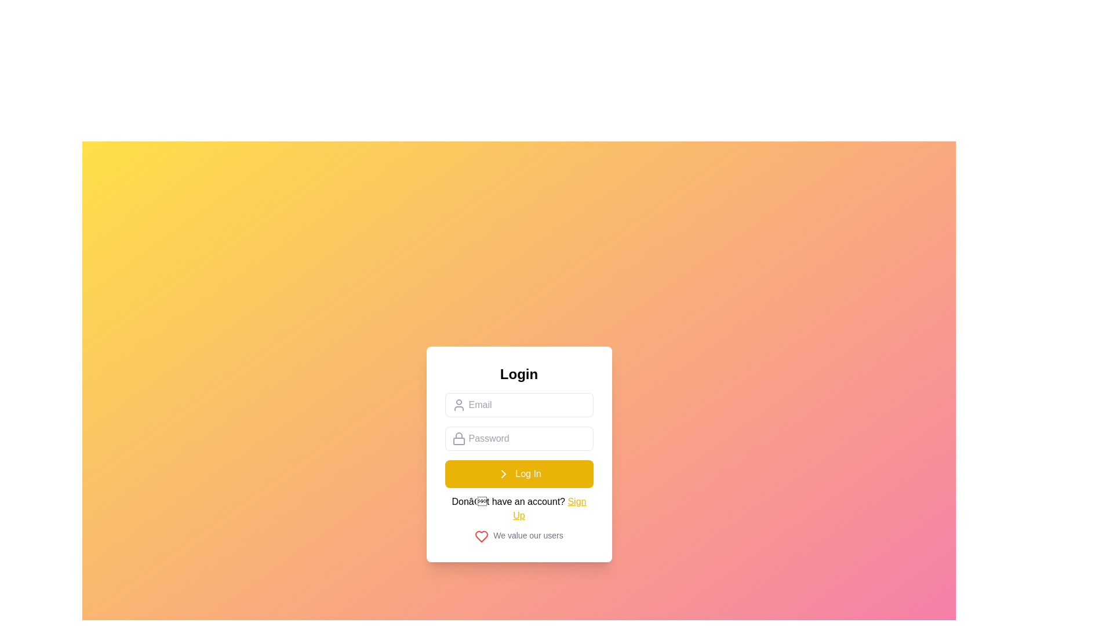 This screenshot has width=1113, height=626. Describe the element at coordinates (458, 404) in the screenshot. I see `the small user icon, which is represented by an outline of a person, located to the left of the 'Email' input field on the login form` at that location.